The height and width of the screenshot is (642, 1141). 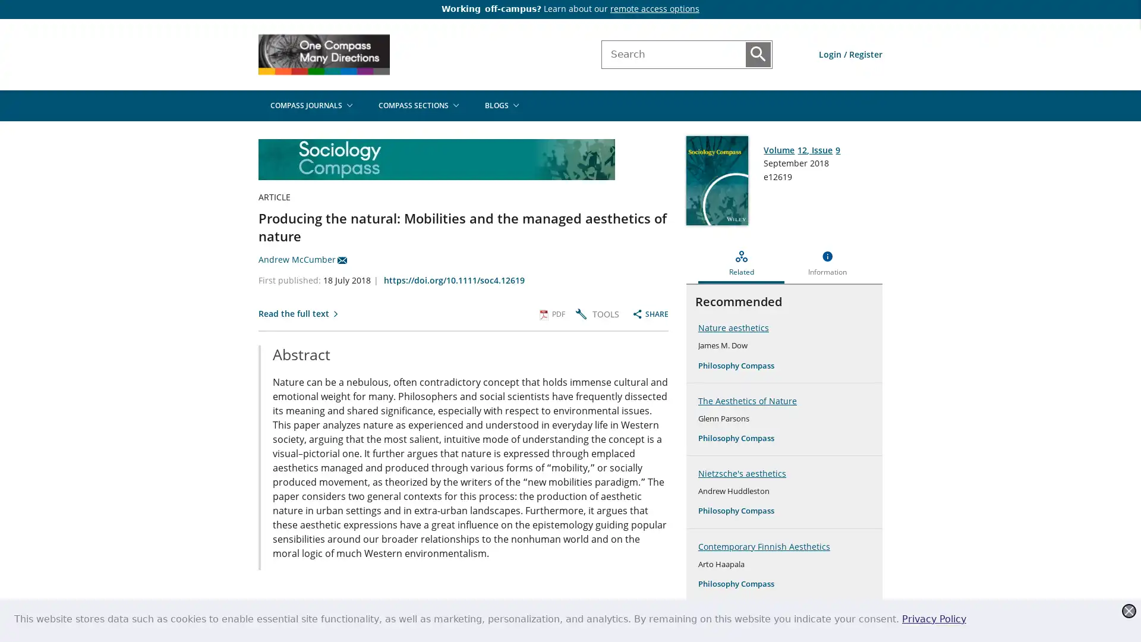 I want to click on Log in or Register, so click(x=850, y=54).